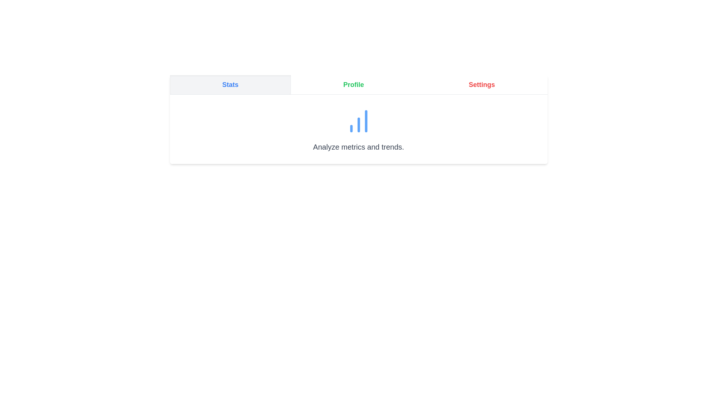 The image size is (708, 398). I want to click on the 'Profile' button, which is a green text label in bold serif font, located, so click(353, 84).